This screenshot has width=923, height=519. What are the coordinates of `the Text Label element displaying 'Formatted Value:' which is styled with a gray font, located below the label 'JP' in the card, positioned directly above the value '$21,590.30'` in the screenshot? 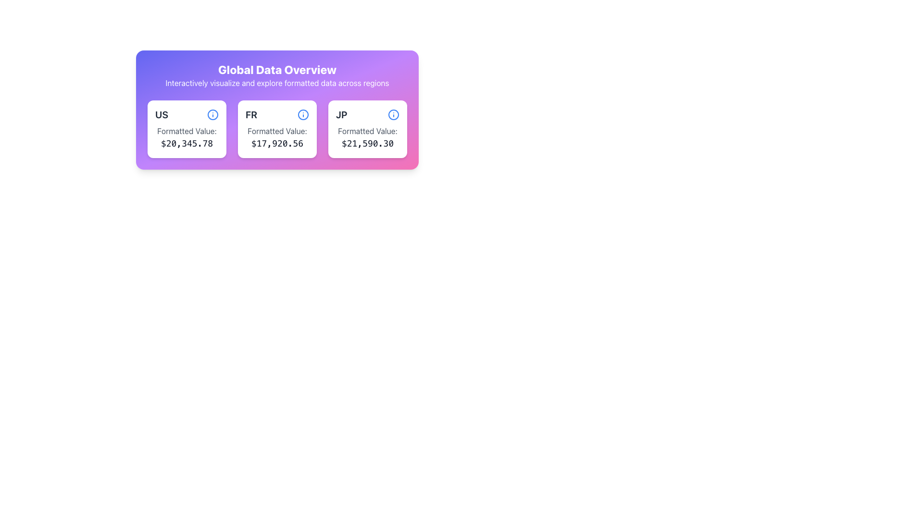 It's located at (367, 131).